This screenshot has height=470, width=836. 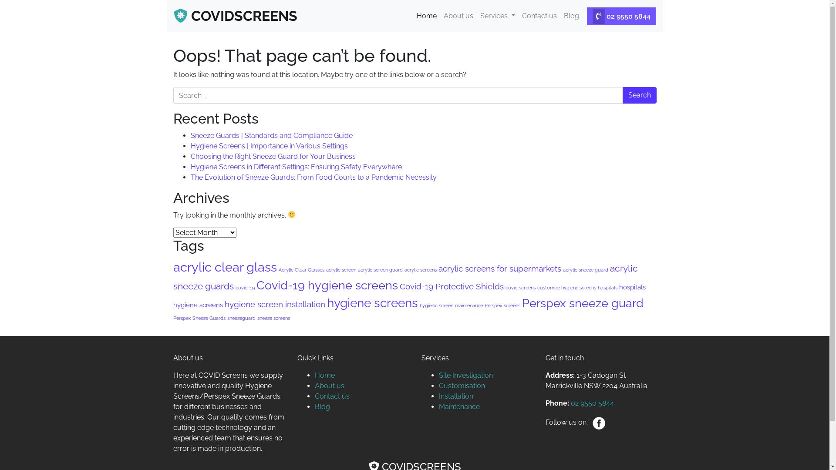 I want to click on 'customize hygiene screens', so click(x=566, y=287).